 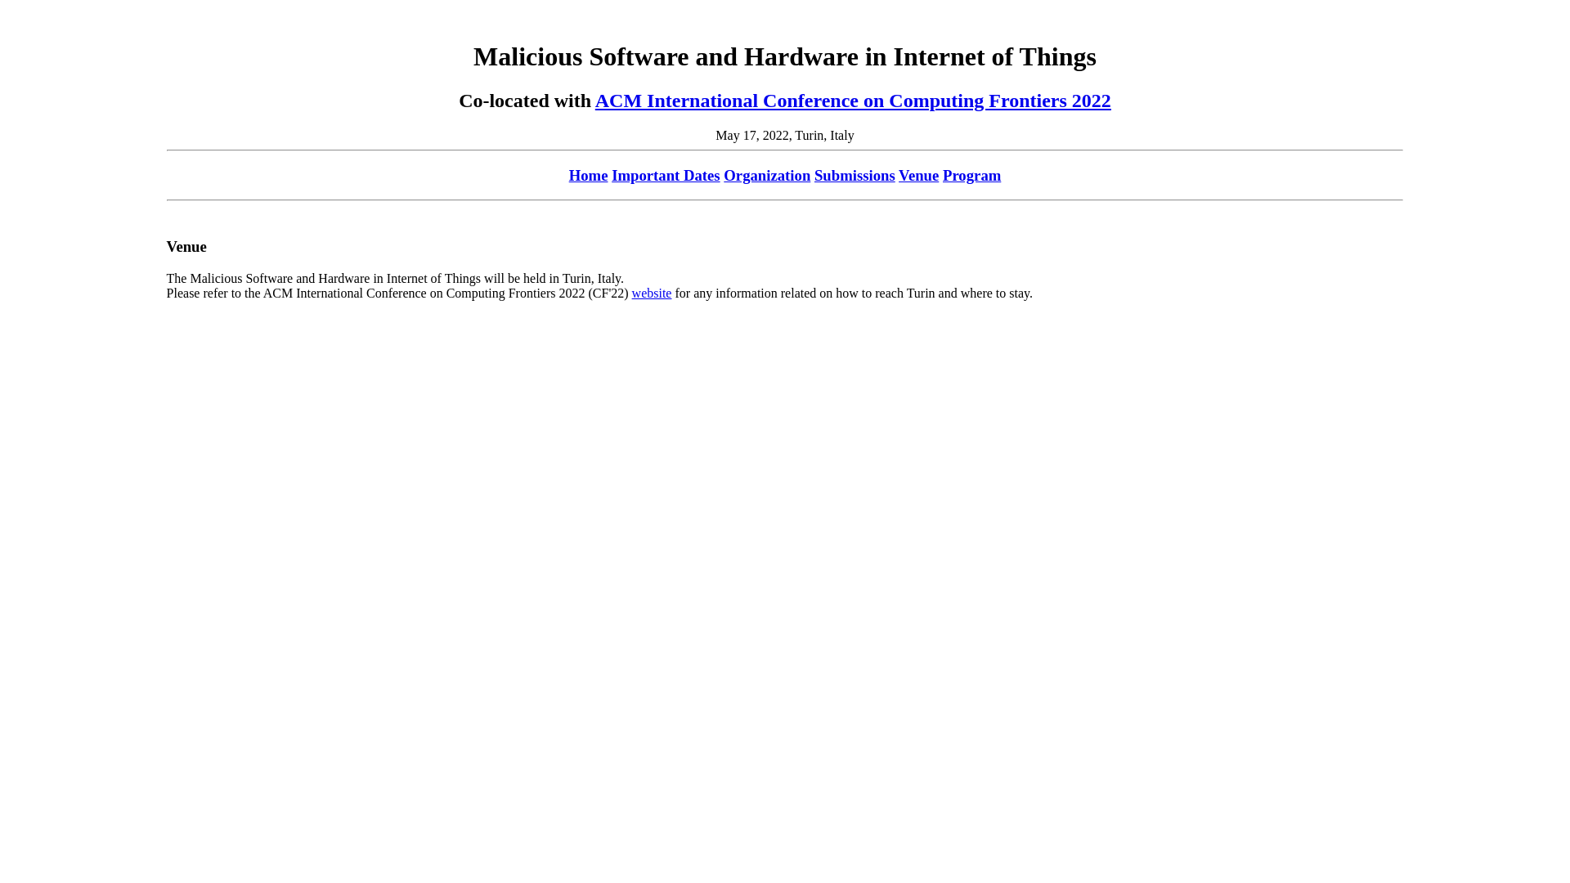 What do you see at coordinates (854, 175) in the screenshot?
I see `'Submissions'` at bounding box center [854, 175].